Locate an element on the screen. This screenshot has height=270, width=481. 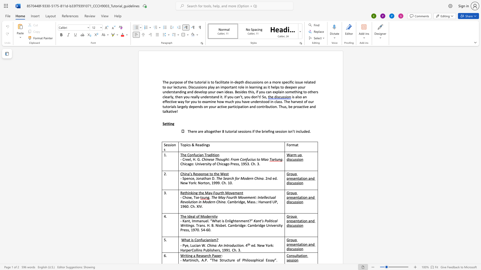
the space between the continuous character "t" and "o" in the text is located at coordinates (258, 159).